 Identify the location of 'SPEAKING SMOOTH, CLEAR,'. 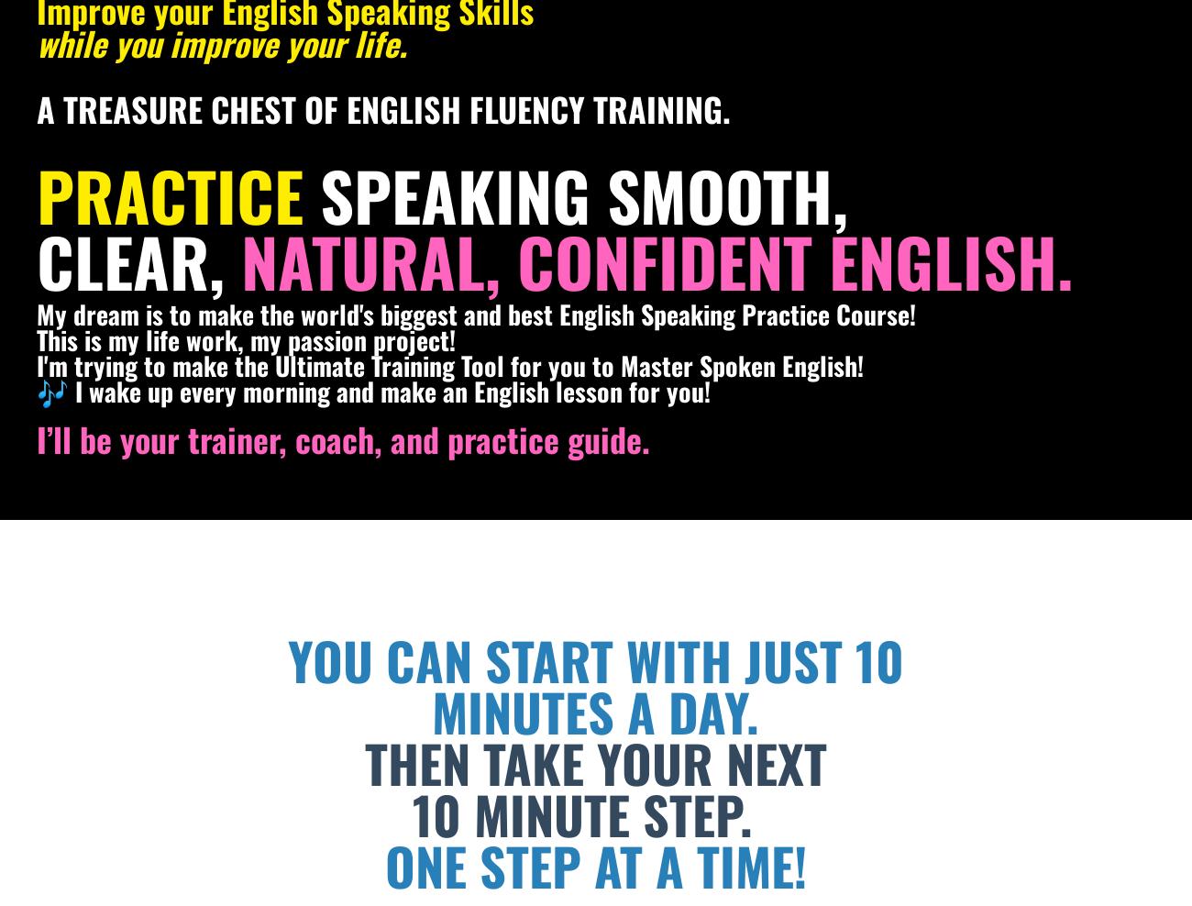
(441, 226).